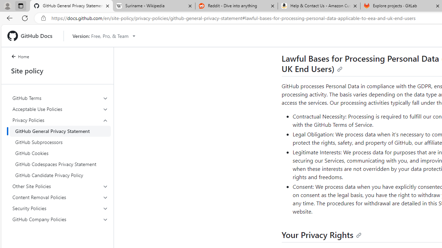 This screenshot has height=248, width=442. What do you see at coordinates (60, 208) in the screenshot?
I see `'Security Policies'` at bounding box center [60, 208].